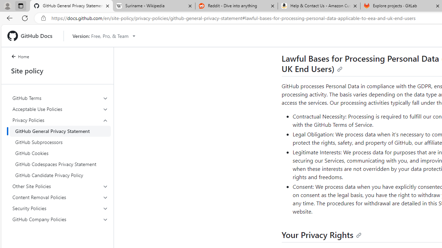 This screenshot has height=248, width=442. What do you see at coordinates (60, 208) in the screenshot?
I see `'Security Policies'` at bounding box center [60, 208].